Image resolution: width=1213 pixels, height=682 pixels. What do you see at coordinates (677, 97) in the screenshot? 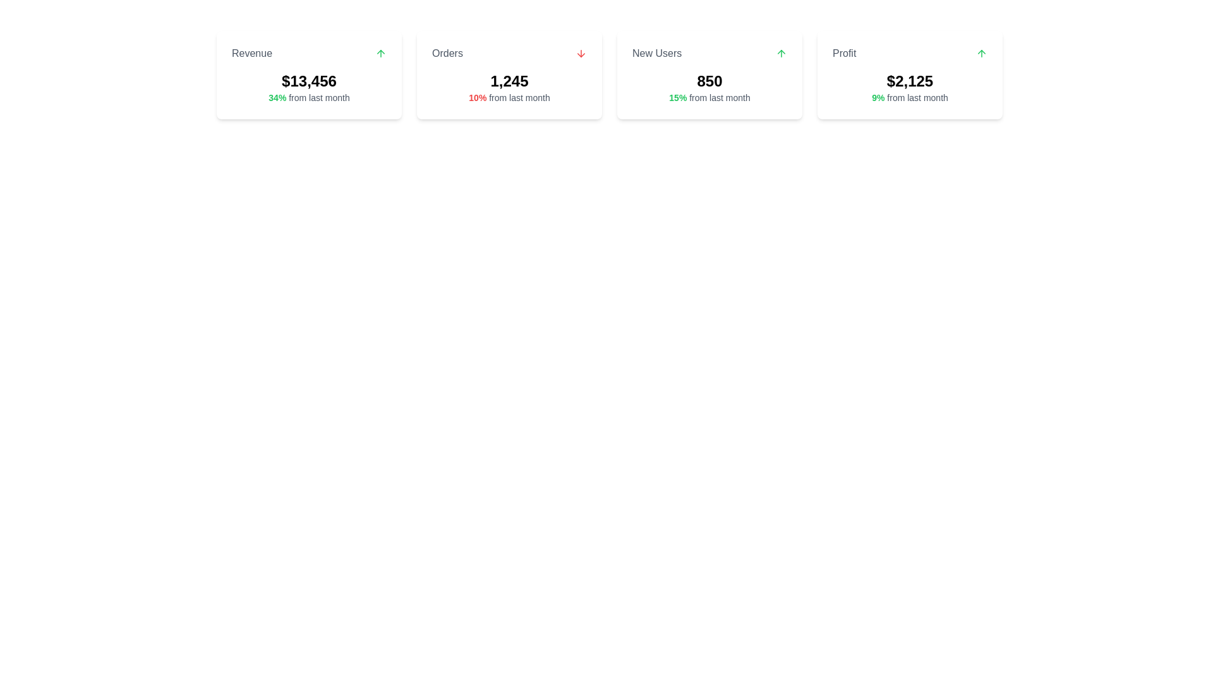
I see `percentage value displayed in the green text label showing '15%' within the 'New Users' card` at bounding box center [677, 97].